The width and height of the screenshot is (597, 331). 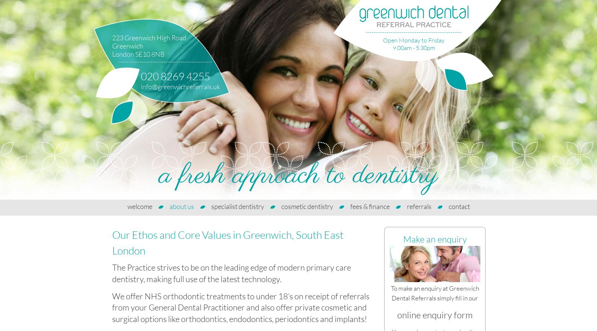 What do you see at coordinates (386, 116) in the screenshot?
I see `'send us an email'` at bounding box center [386, 116].